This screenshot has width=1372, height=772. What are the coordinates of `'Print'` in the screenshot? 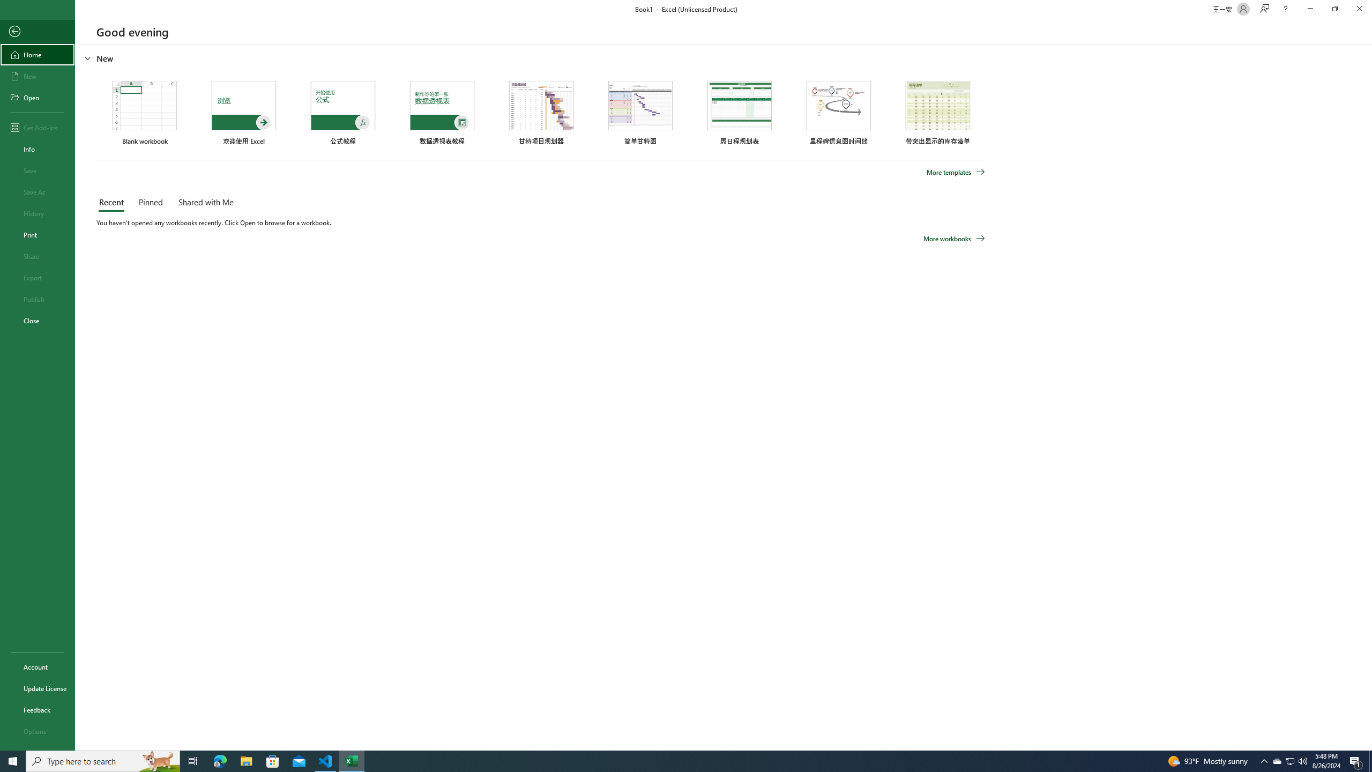 It's located at (37, 234).